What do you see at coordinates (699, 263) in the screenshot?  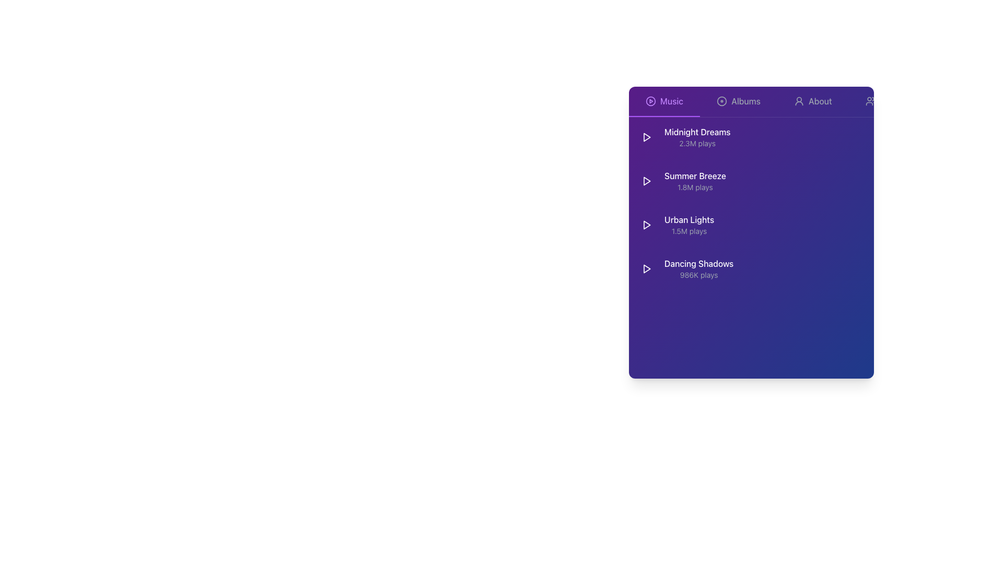 I see `the title of the fourth music track or playlist in the list, which provides the name of the track` at bounding box center [699, 263].